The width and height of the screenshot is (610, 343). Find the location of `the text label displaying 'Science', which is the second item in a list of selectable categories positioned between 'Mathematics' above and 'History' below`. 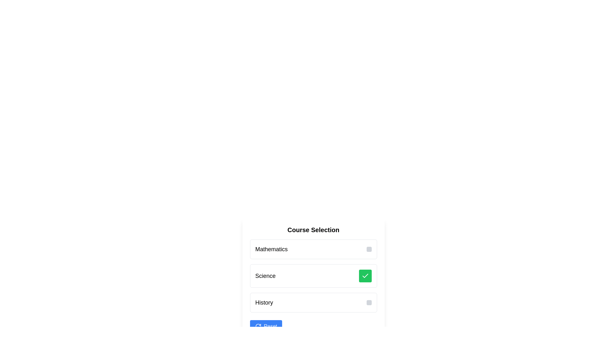

the text label displaying 'Science', which is the second item in a list of selectable categories positioned between 'Mathematics' above and 'History' below is located at coordinates (265, 275).